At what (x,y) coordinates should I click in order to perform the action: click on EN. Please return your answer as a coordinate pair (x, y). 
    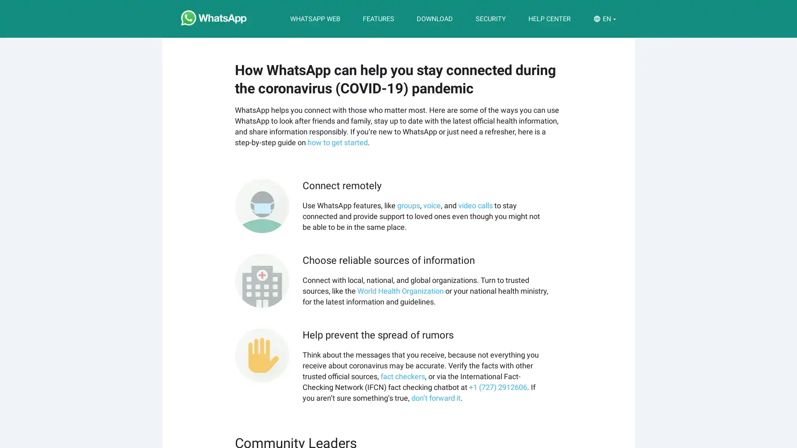
    Looking at the image, I should click on (605, 19).